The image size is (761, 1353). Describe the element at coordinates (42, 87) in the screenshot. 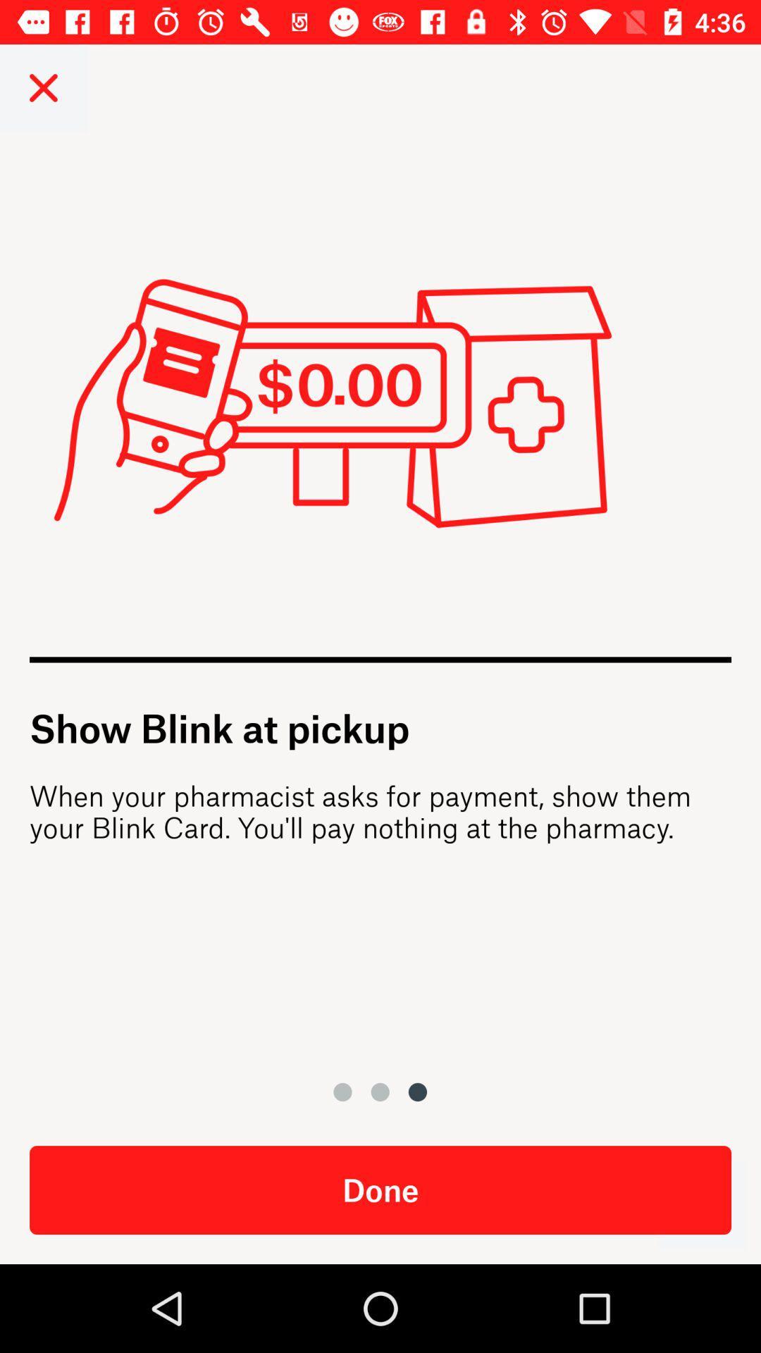

I see `page` at that location.